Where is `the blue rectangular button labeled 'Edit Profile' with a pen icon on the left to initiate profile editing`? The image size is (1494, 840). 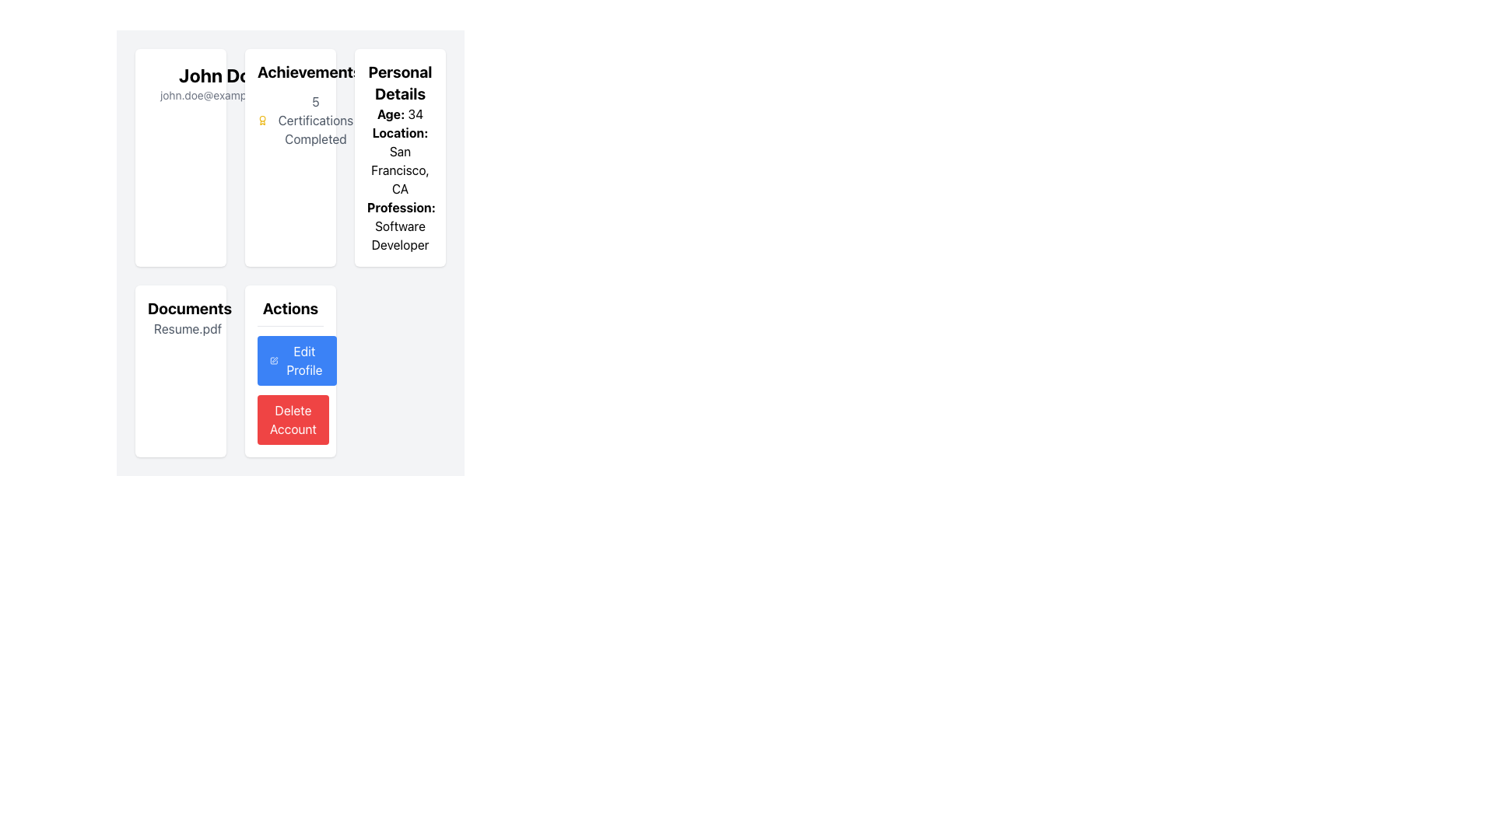
the blue rectangular button labeled 'Edit Profile' with a pen icon on the left to initiate profile editing is located at coordinates (297, 360).